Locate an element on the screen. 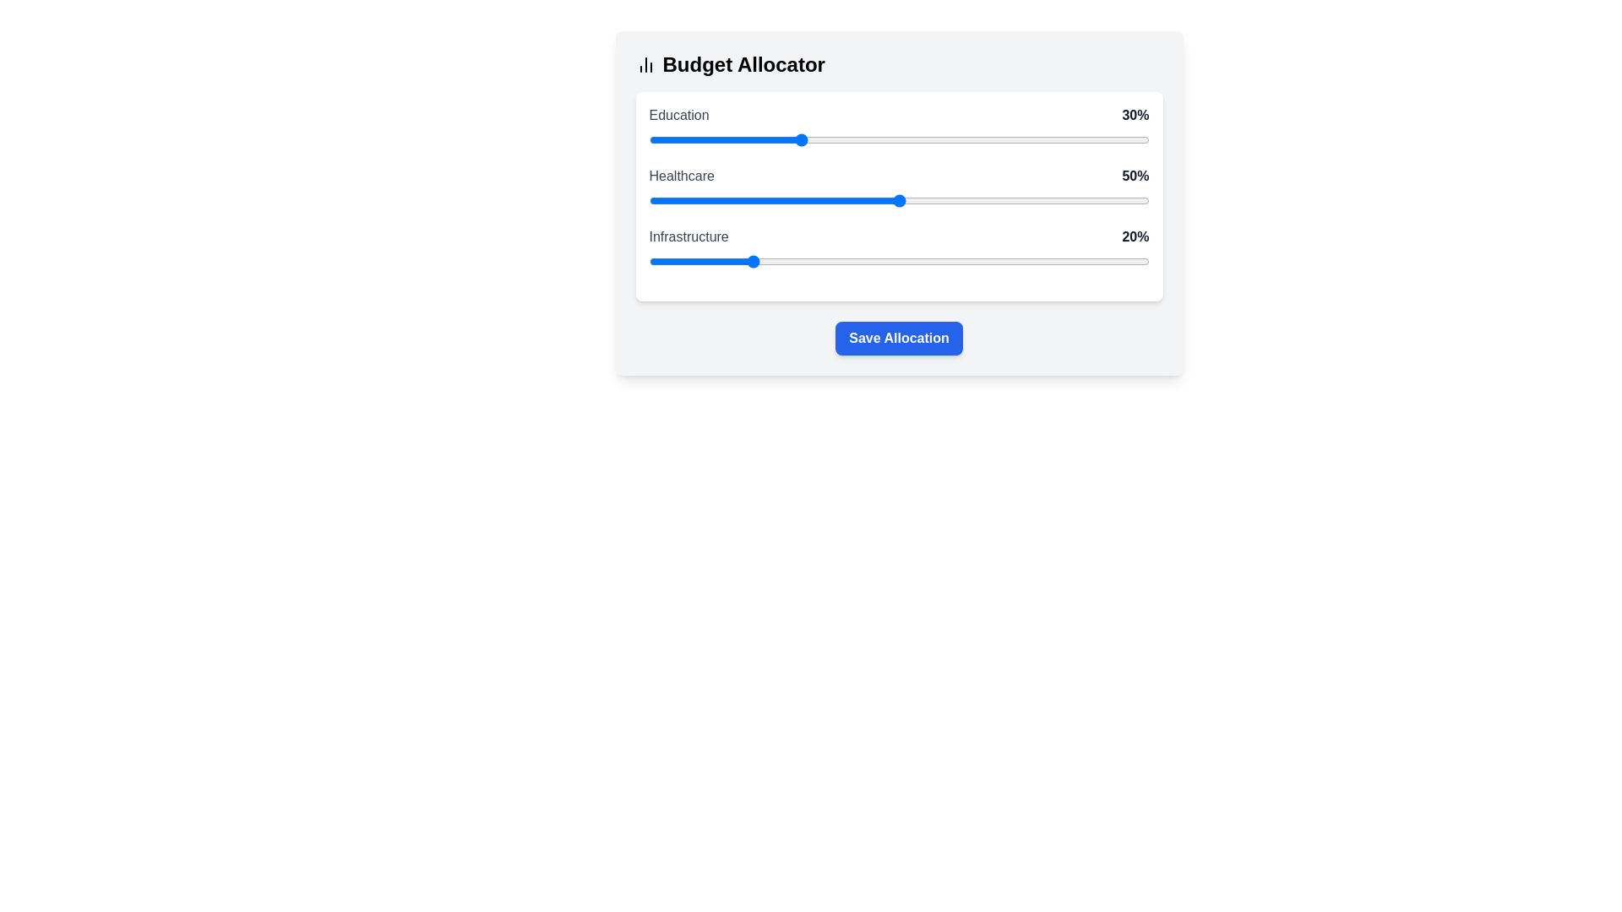 Image resolution: width=1622 pixels, height=912 pixels. healthcare allocation is located at coordinates (1129, 200).